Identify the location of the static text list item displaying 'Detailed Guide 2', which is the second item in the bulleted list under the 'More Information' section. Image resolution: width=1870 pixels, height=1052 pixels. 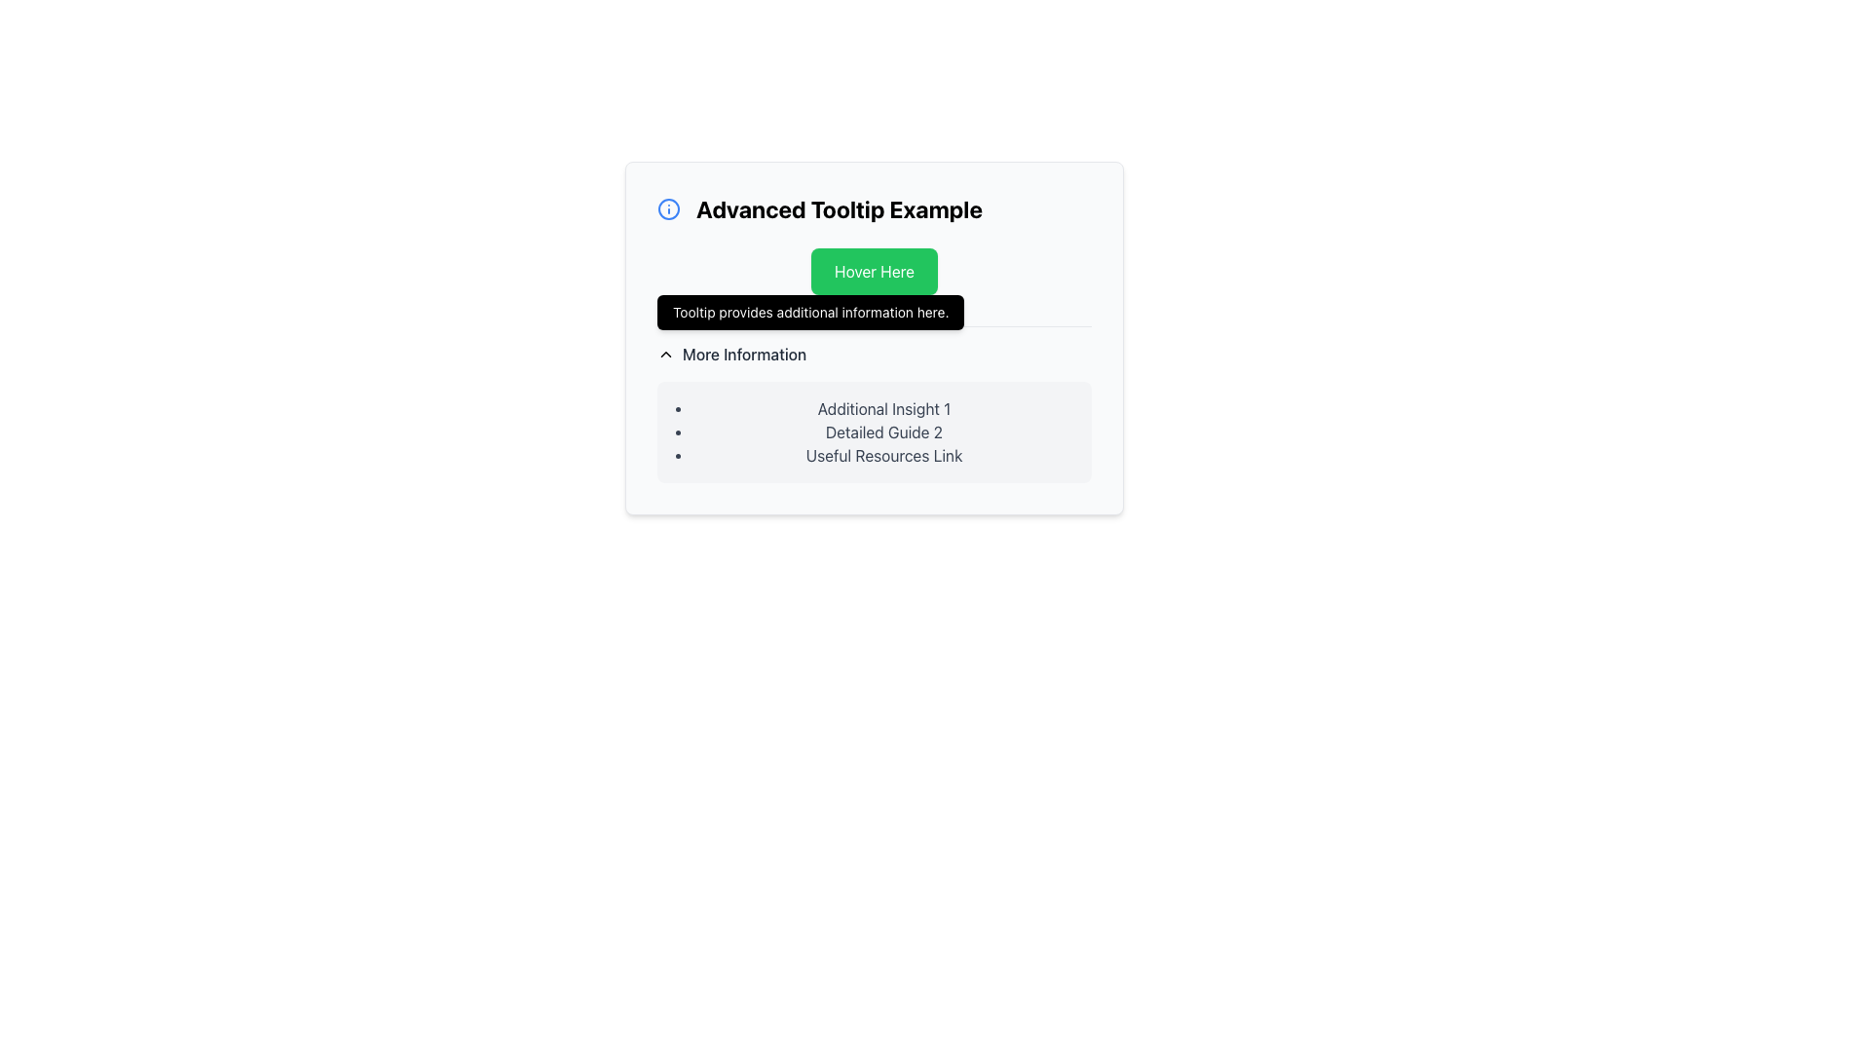
(882, 431).